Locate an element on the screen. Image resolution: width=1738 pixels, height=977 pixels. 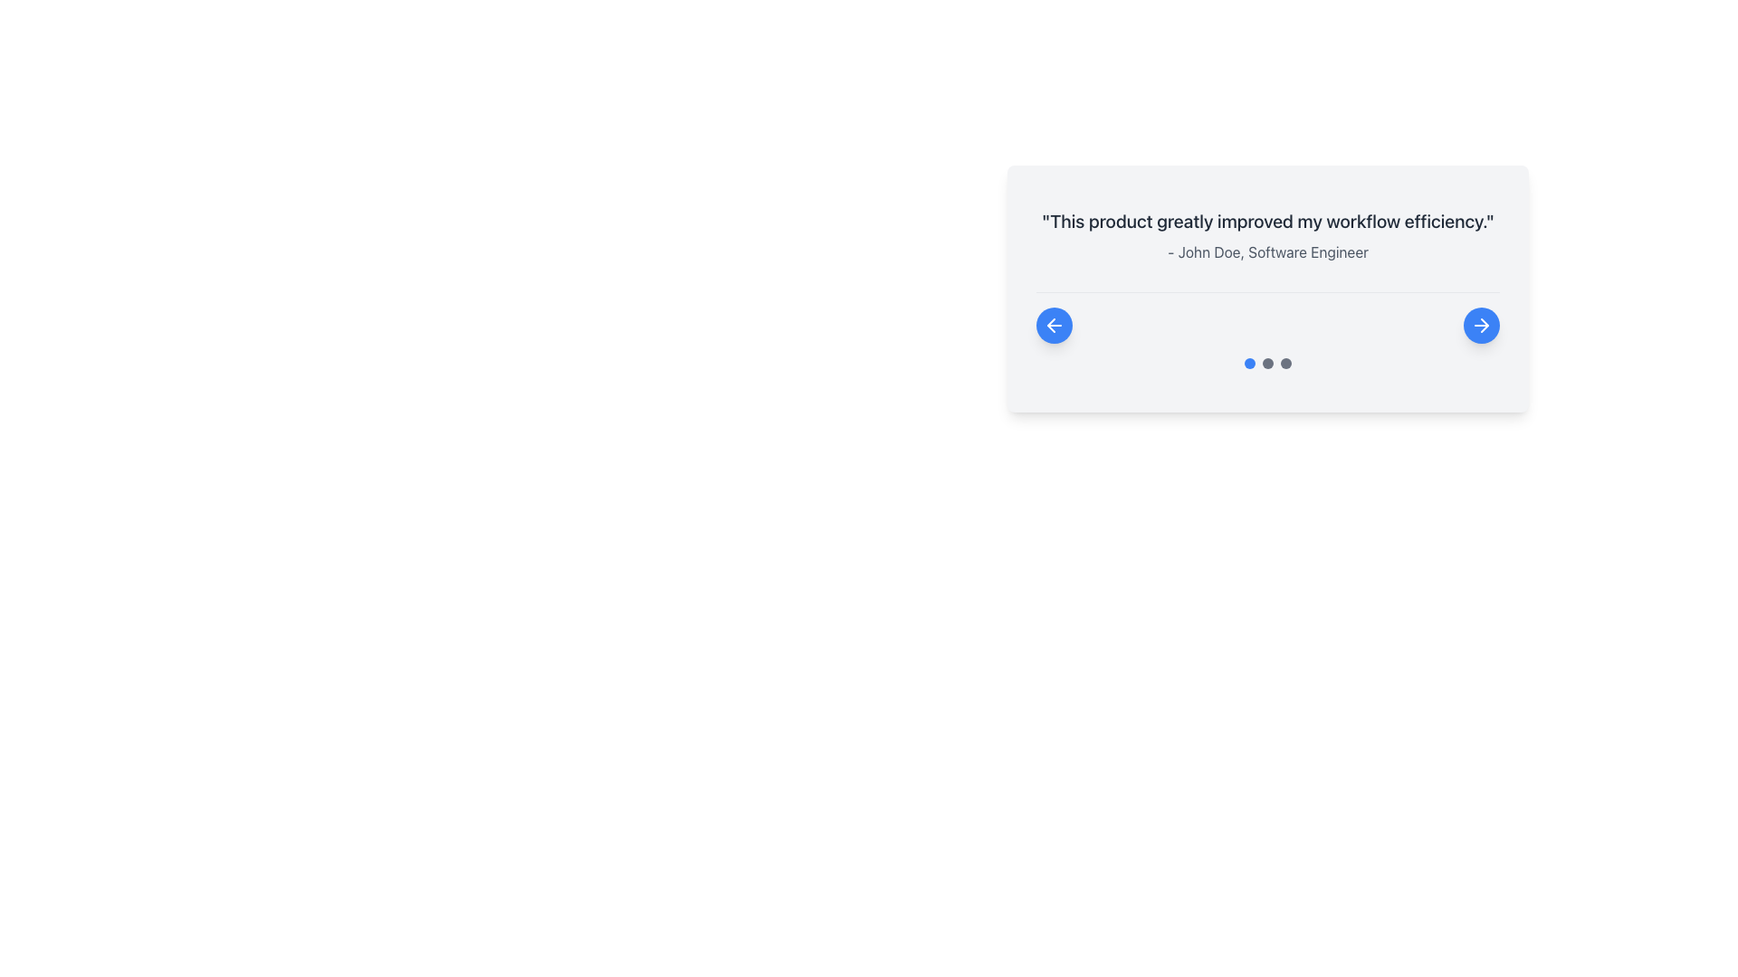
the second gray circular navigation indicator located below the testimonial text is located at coordinates (1267, 363).